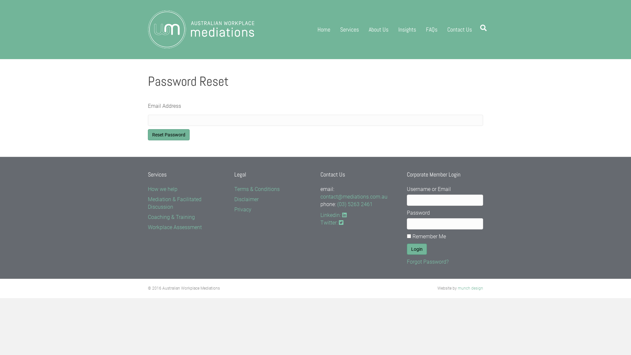 The width and height of the screenshot is (631, 355). What do you see at coordinates (379, 29) in the screenshot?
I see `'About Us'` at bounding box center [379, 29].